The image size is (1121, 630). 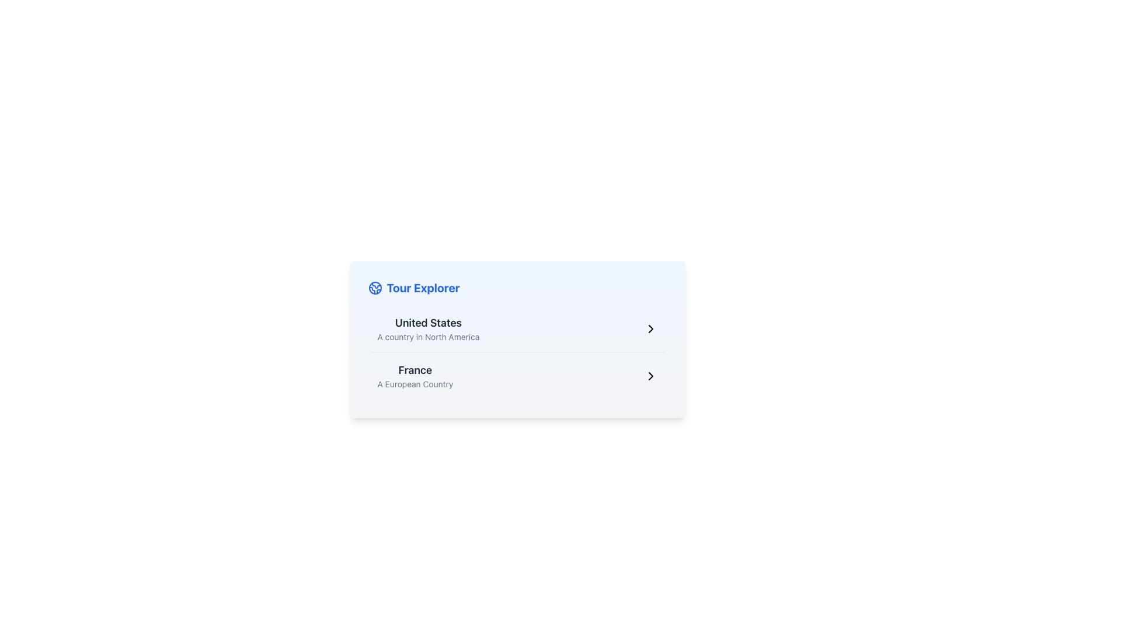 What do you see at coordinates (517, 376) in the screenshot?
I see `the second row of the 'Tour Explorer' list displaying 'France' and its description 'A European Country' to navigate` at bounding box center [517, 376].